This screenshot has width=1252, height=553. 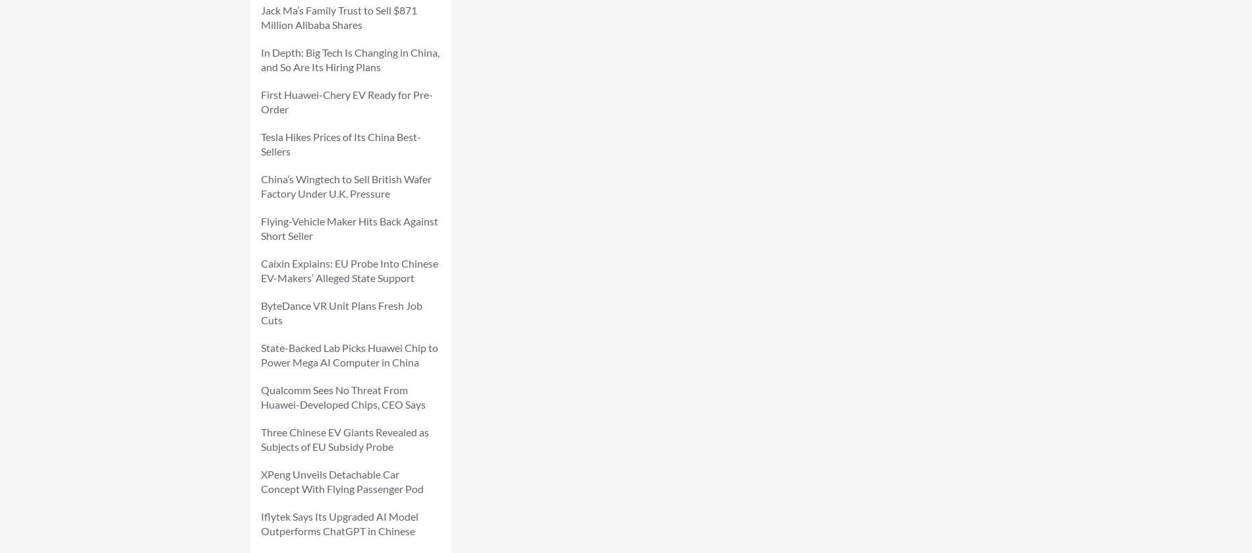 I want to click on 'Caixin Explains: EU Probe Into Chinese EV-Makers’ Alleged State Support', so click(x=349, y=270).